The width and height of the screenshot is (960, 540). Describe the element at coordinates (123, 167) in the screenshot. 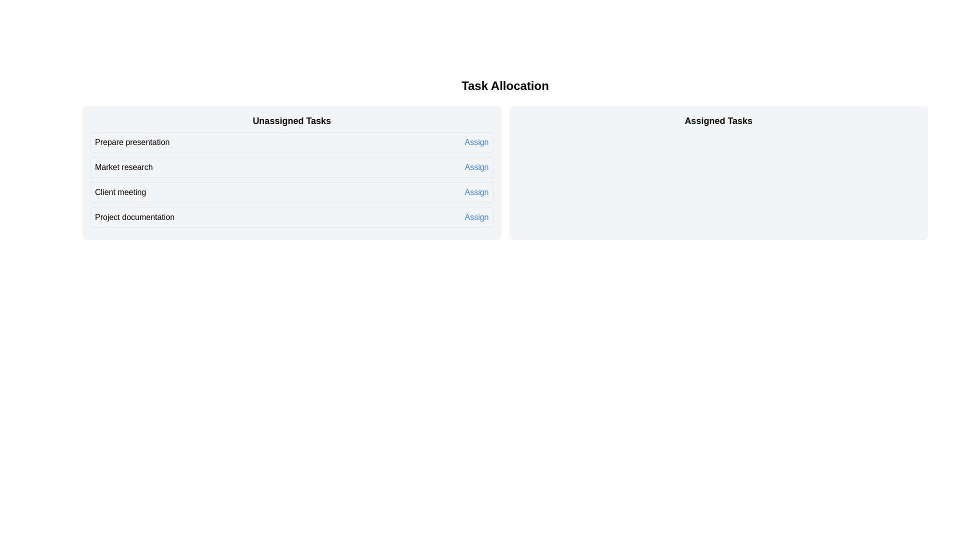

I see `the text label displaying 'Market research', which is the second item in the unassigned tasks column, aligned to the left with the 'Assign' button adjacent to it` at that location.